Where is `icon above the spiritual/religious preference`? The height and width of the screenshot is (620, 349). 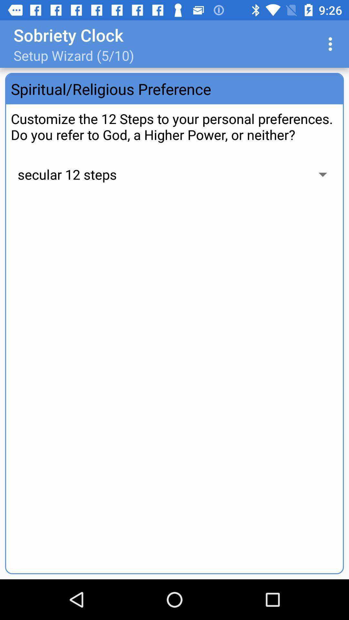 icon above the spiritual/religious preference is located at coordinates (332, 44).